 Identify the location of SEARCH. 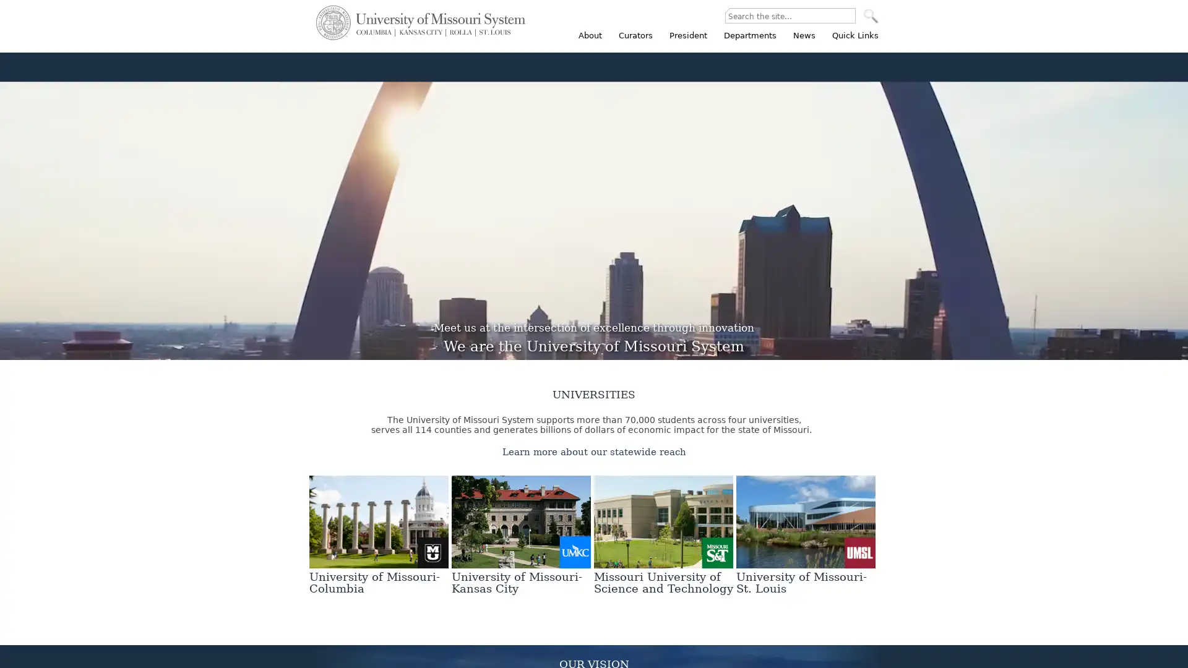
(870, 16).